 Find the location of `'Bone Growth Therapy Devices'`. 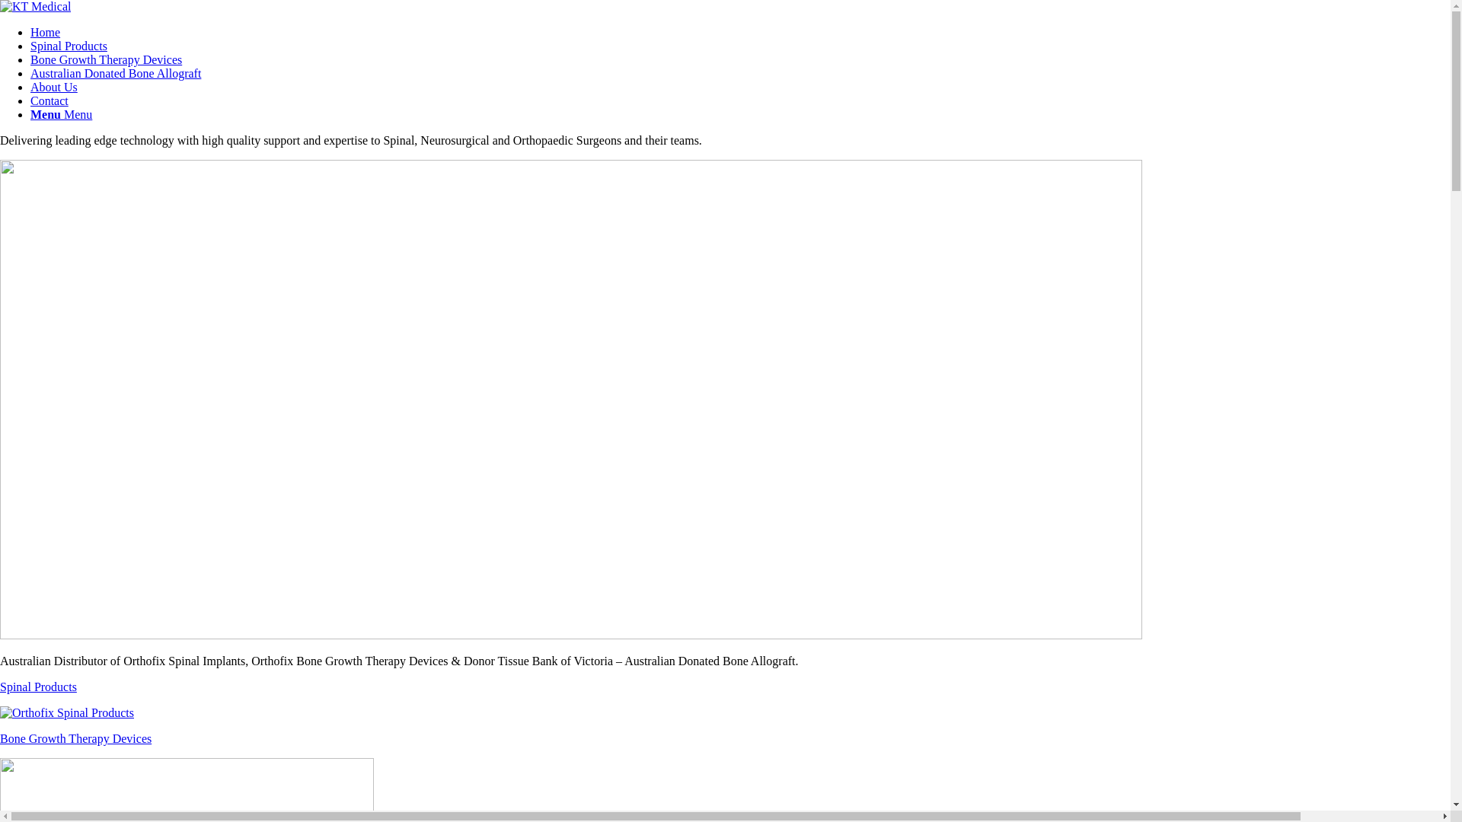

'Bone Growth Therapy Devices' is located at coordinates (30, 59).